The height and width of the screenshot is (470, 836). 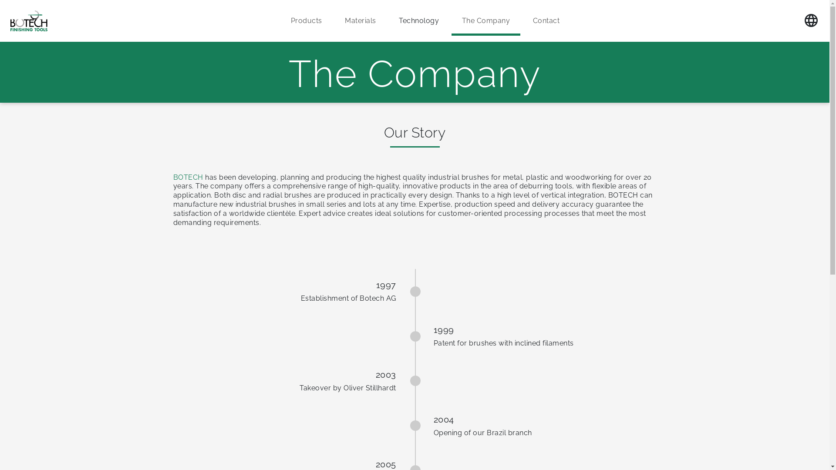 What do you see at coordinates (546, 20) in the screenshot?
I see `'Contact'` at bounding box center [546, 20].